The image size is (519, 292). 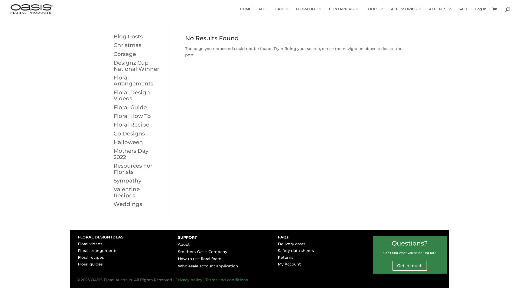 What do you see at coordinates (239, 12) in the screenshot?
I see `'HOME'` at bounding box center [239, 12].